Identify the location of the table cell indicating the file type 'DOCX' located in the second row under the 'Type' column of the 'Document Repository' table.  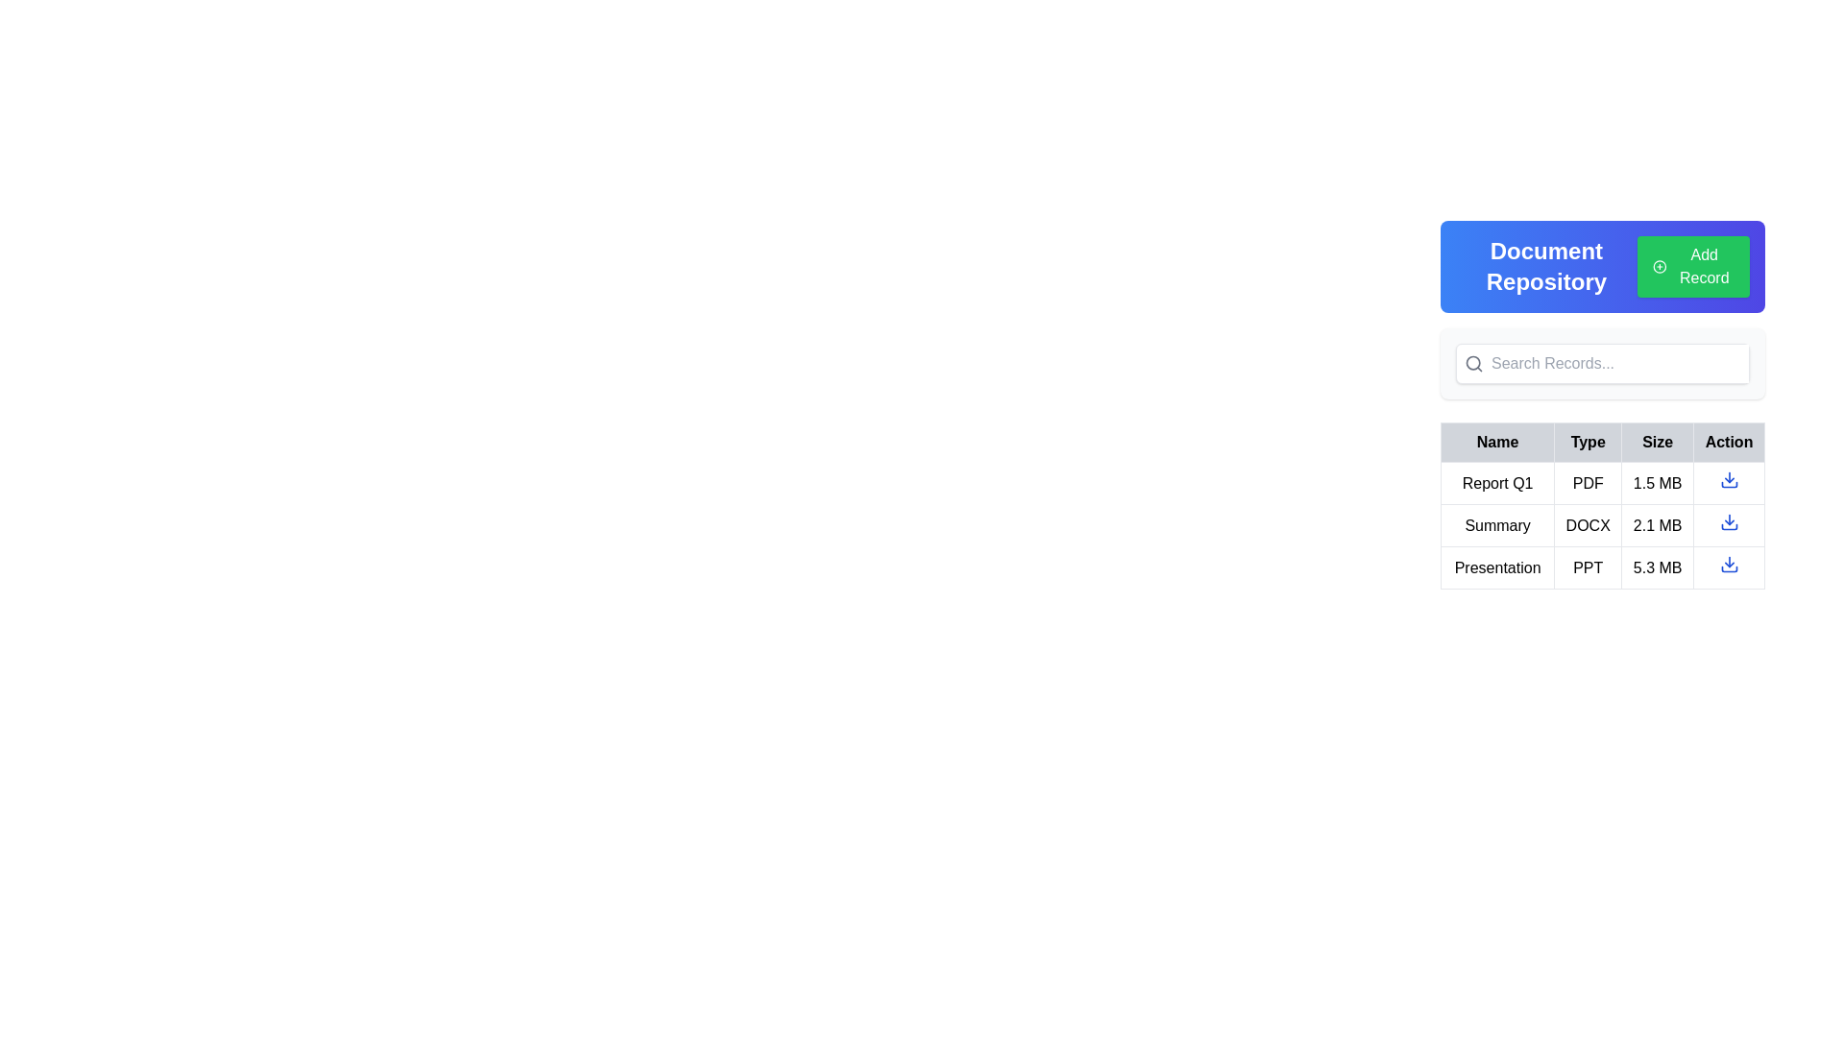
(1603, 525).